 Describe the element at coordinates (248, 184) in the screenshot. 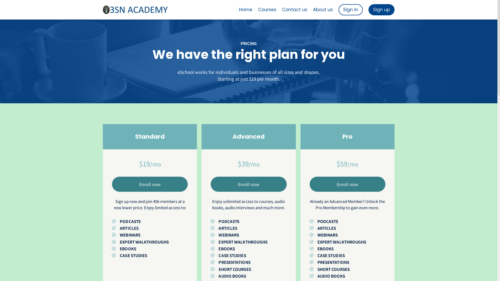

I see `'Enroll now'` at that location.